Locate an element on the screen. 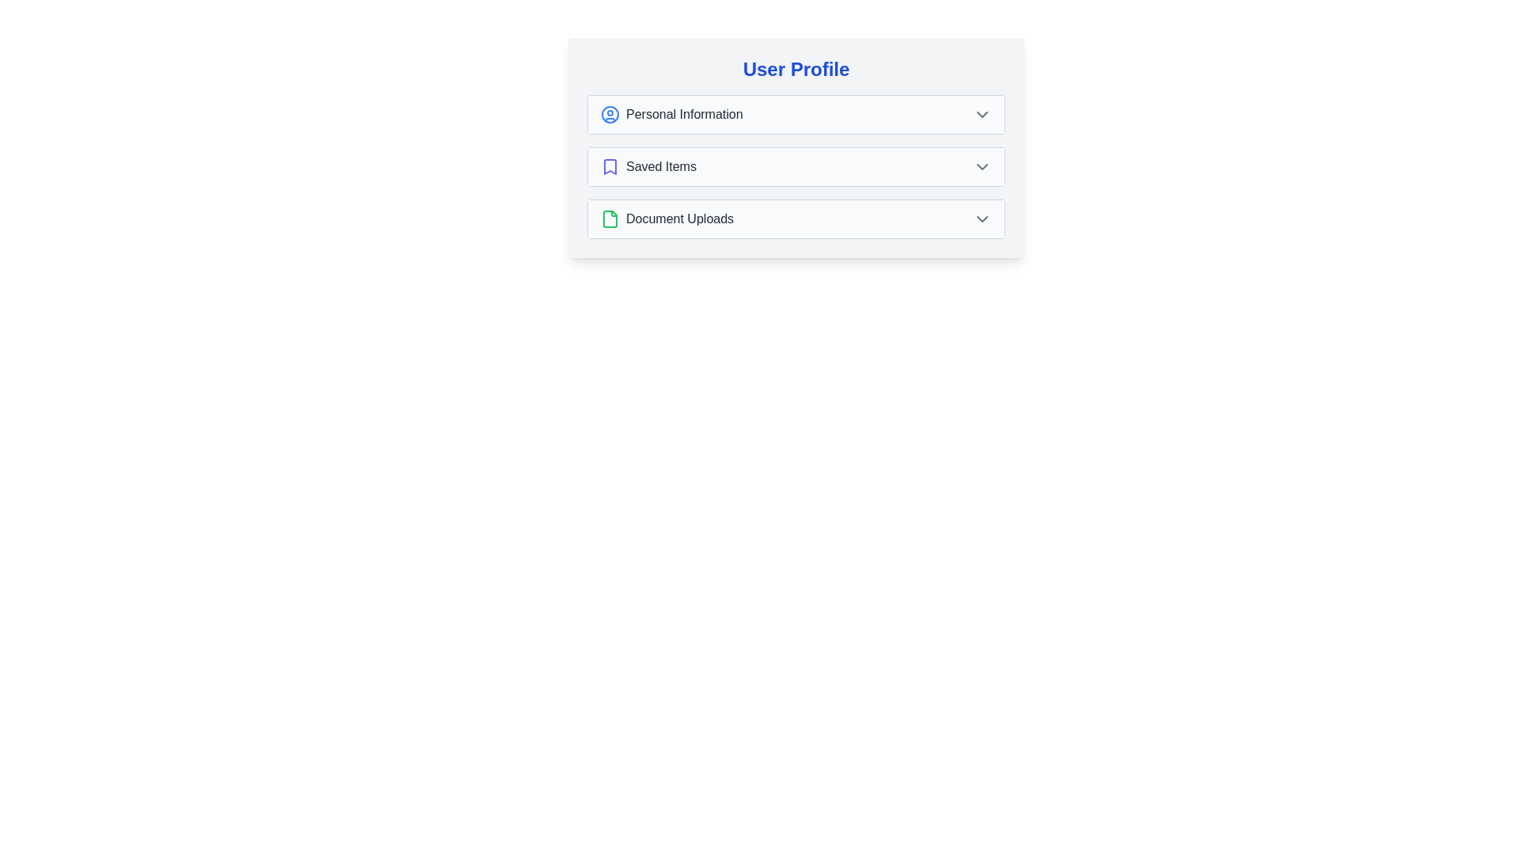 This screenshot has width=1520, height=855. the graphical representation of the circular user icon with a blue outline, located in the leftmost area of the 'Personal Information' row, preceding the text label 'Personal Information' is located at coordinates (610, 114).